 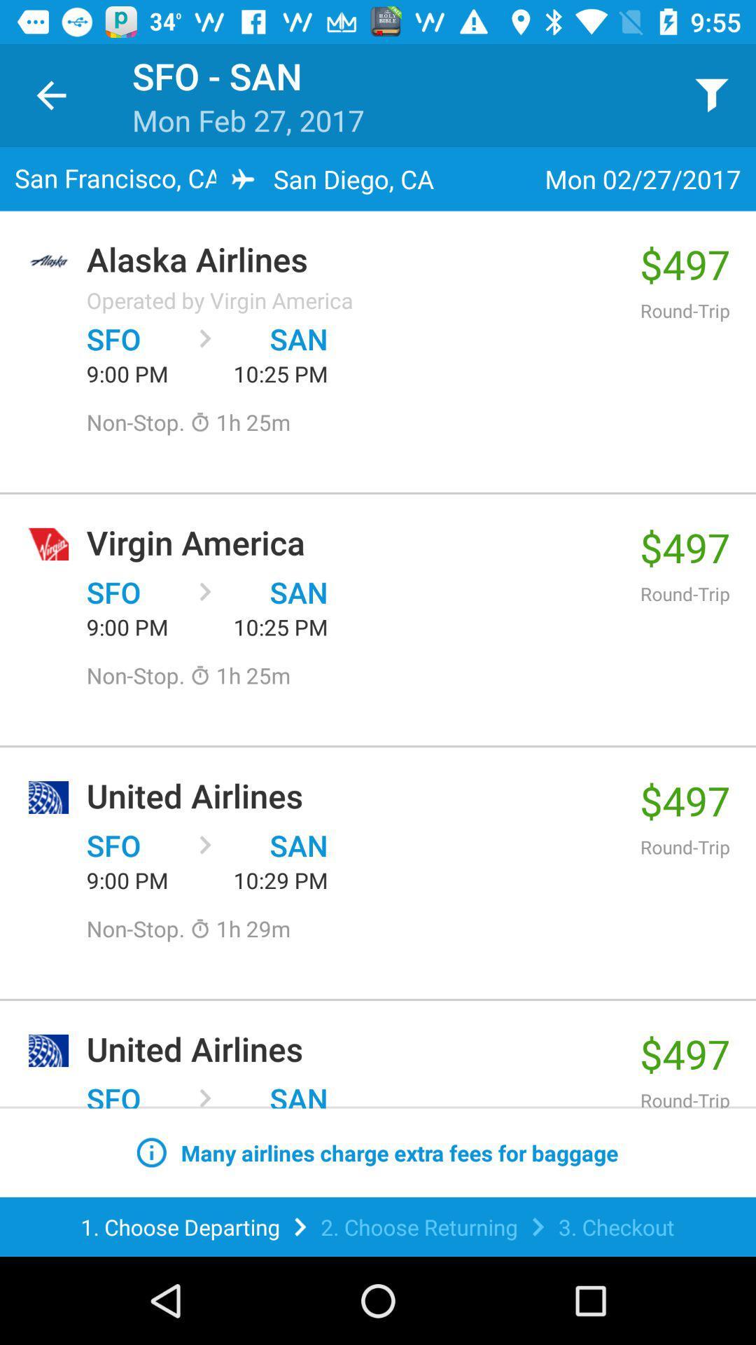 I want to click on the item above united airlines, so click(x=239, y=928).